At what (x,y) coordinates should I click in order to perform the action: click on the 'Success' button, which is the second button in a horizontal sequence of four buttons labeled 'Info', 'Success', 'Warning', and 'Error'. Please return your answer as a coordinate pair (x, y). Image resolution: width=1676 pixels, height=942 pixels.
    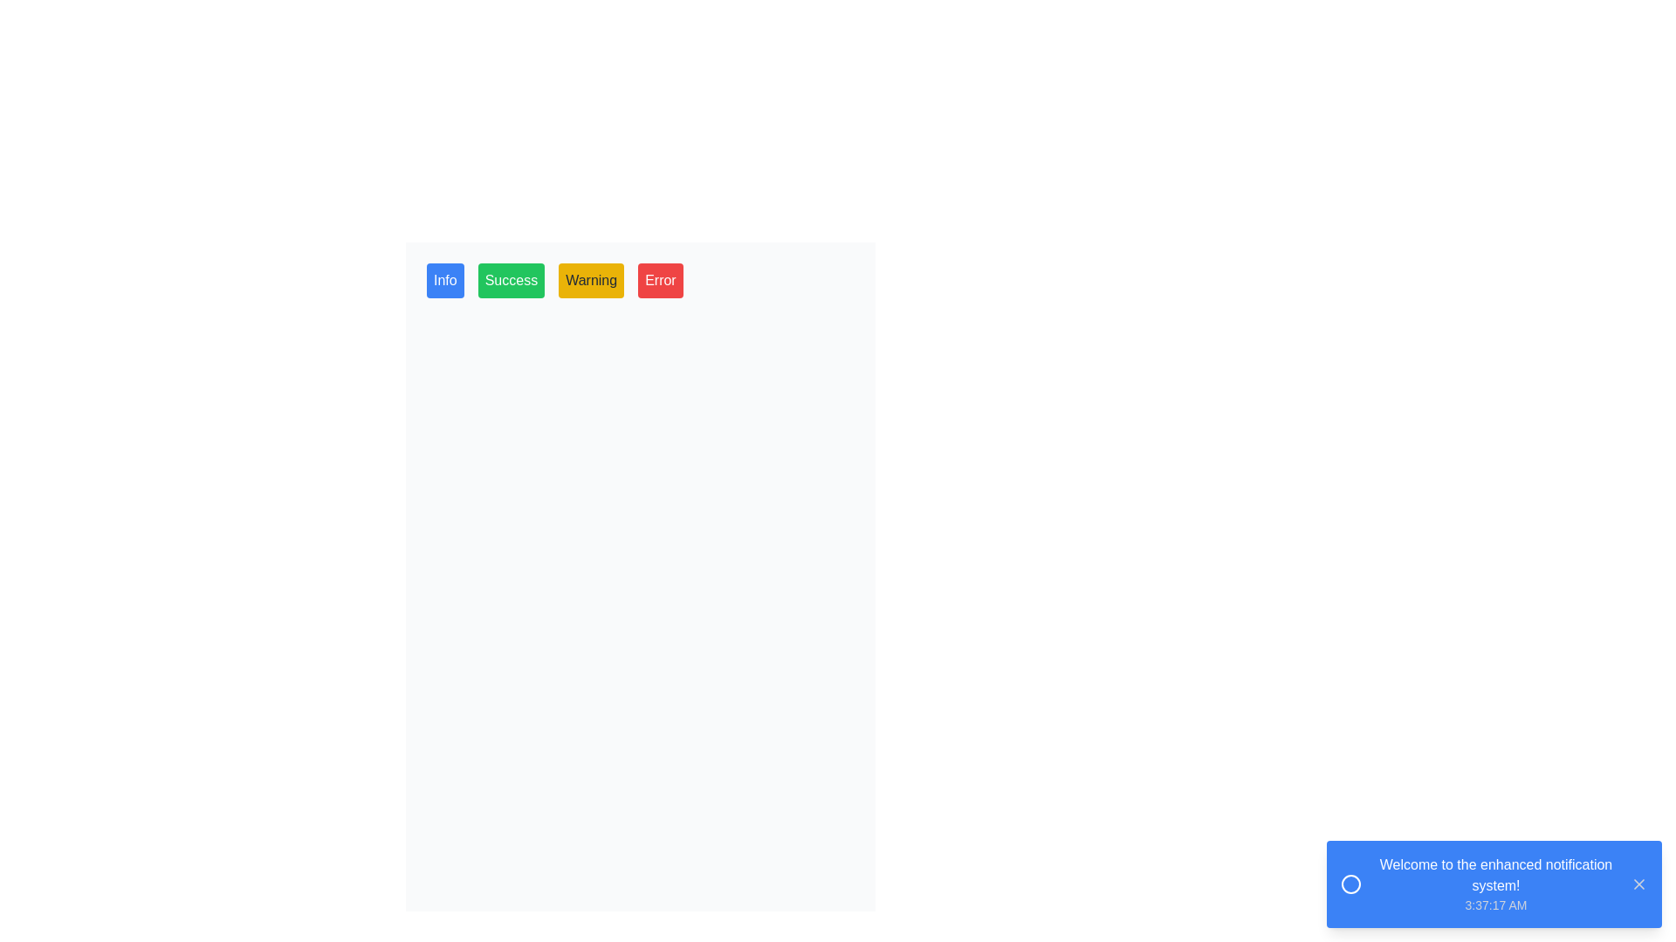
    Looking at the image, I should click on (510, 279).